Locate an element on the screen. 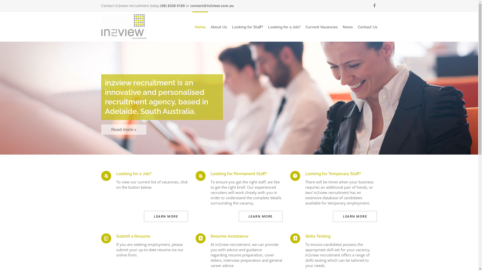  'Resume Assistance' is located at coordinates (211, 236).